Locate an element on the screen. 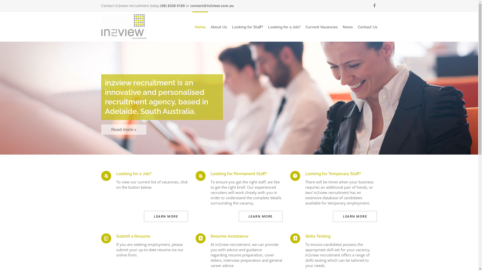  'Resume Assistance' is located at coordinates (211, 236).